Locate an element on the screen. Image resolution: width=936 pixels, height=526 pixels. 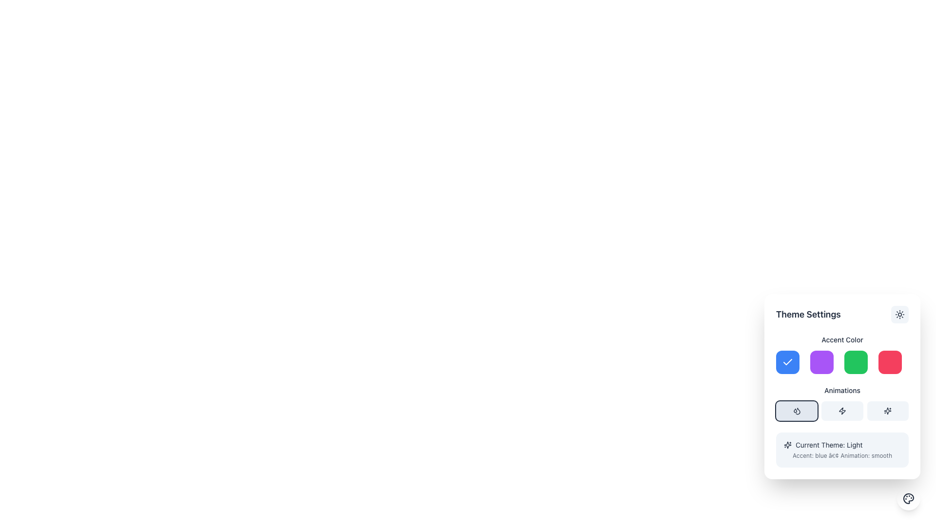
the informational text block at the bottom right of the 'Theme Settings' group that displays the current theme, accent color, and animation type settings is located at coordinates (842, 450).